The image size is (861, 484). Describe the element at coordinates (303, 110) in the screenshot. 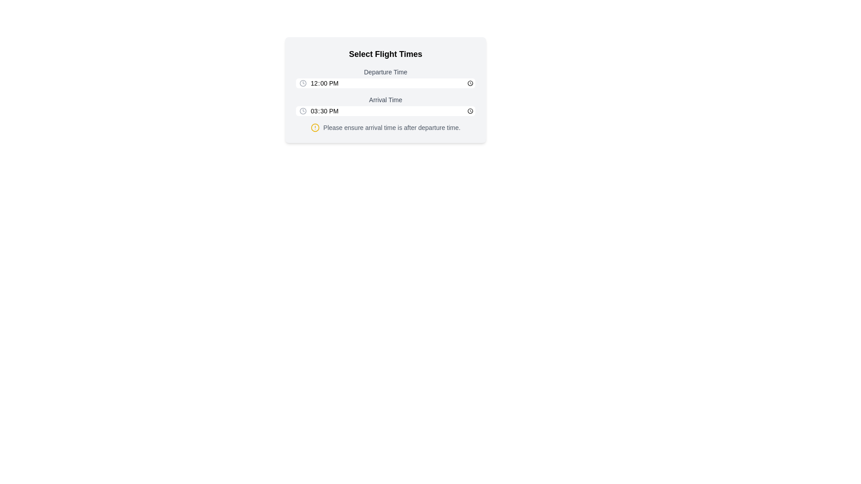

I see `the clock icon located to the left of the 'Arrival Time' text input box, which serves as a contextual indicator for time entry` at that location.